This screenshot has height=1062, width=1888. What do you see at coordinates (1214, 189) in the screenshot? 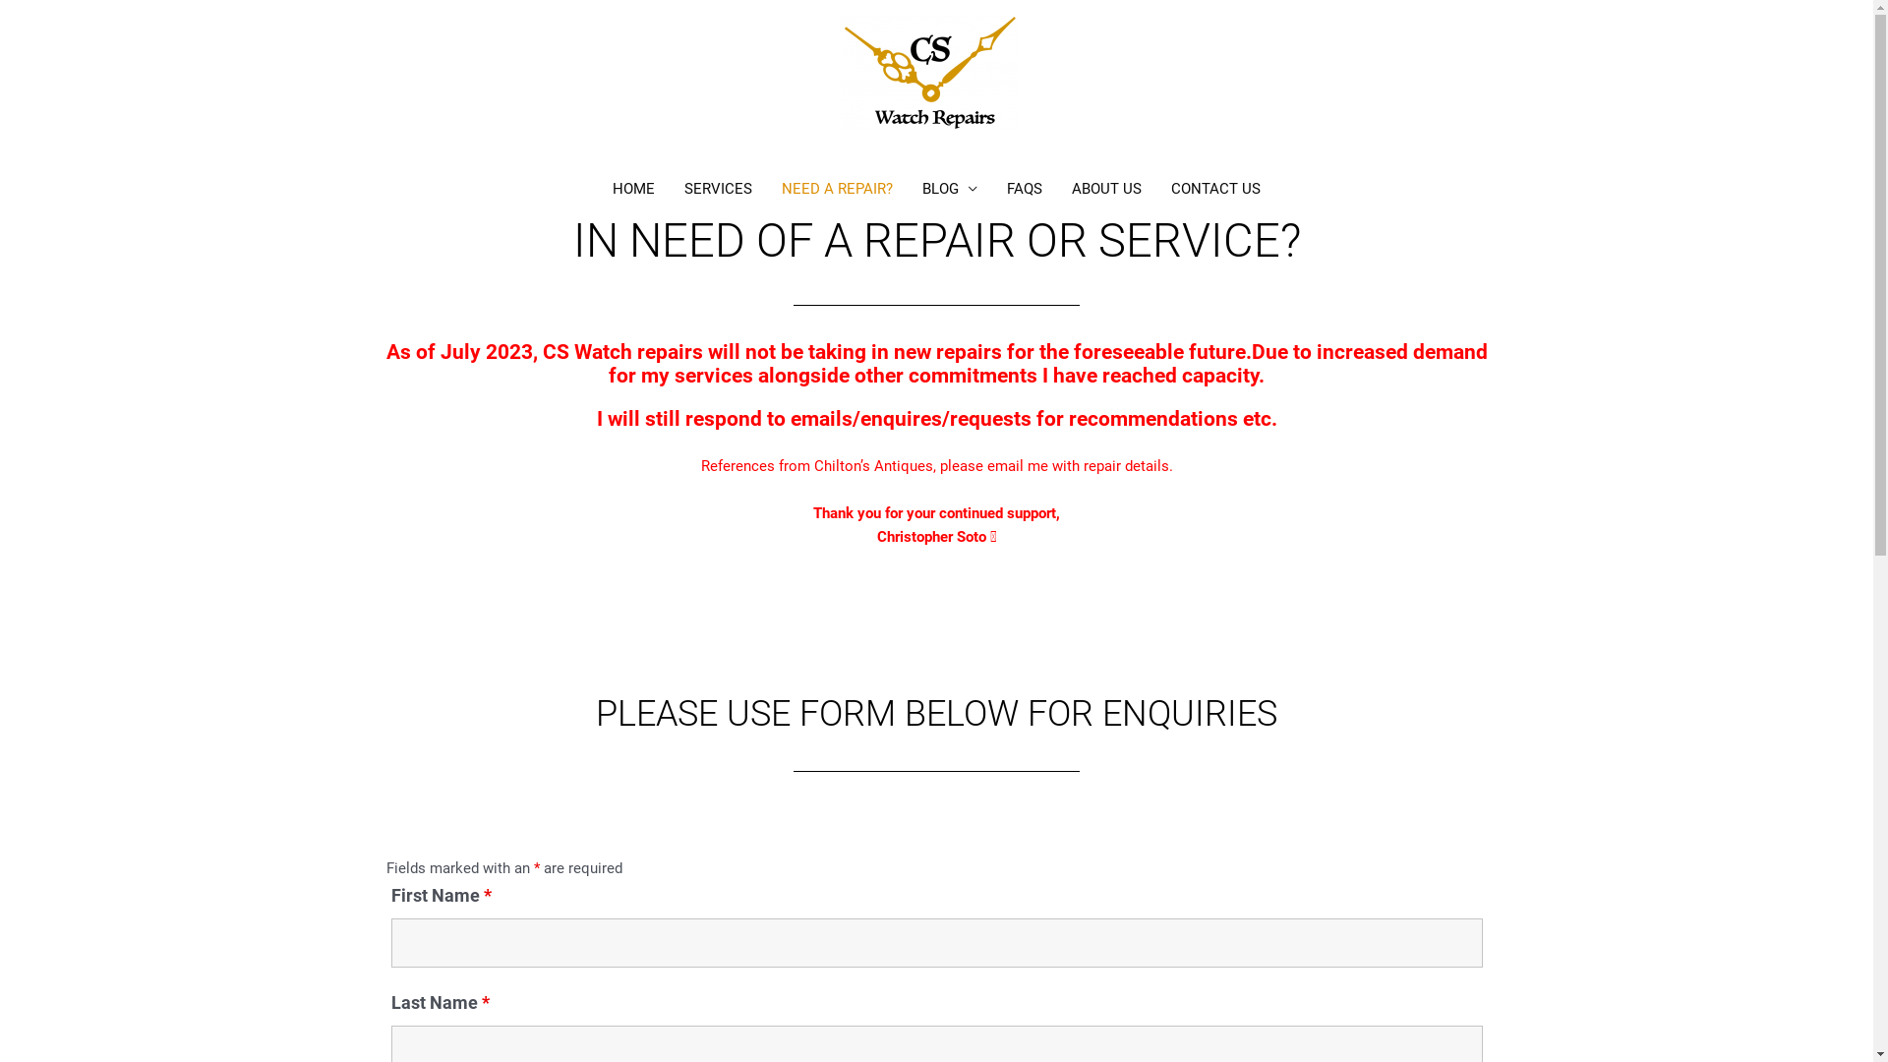
I see `'CONTACT US'` at bounding box center [1214, 189].